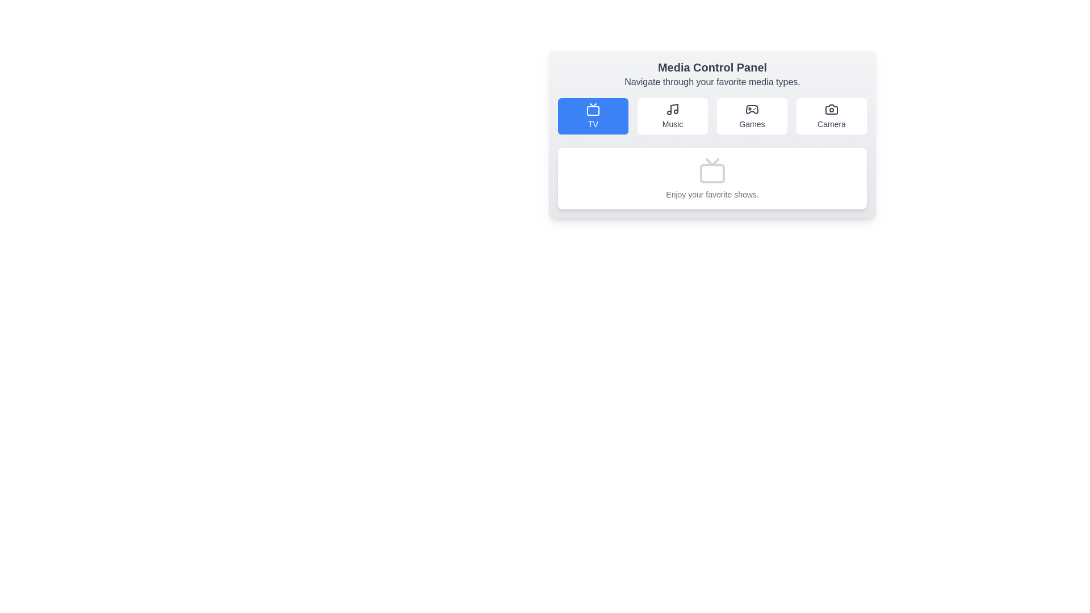 This screenshot has width=1090, height=613. What do you see at coordinates (593, 124) in the screenshot?
I see `the 'TV' text label which serves as a descriptive caption for the blue button representing the TV media category` at bounding box center [593, 124].